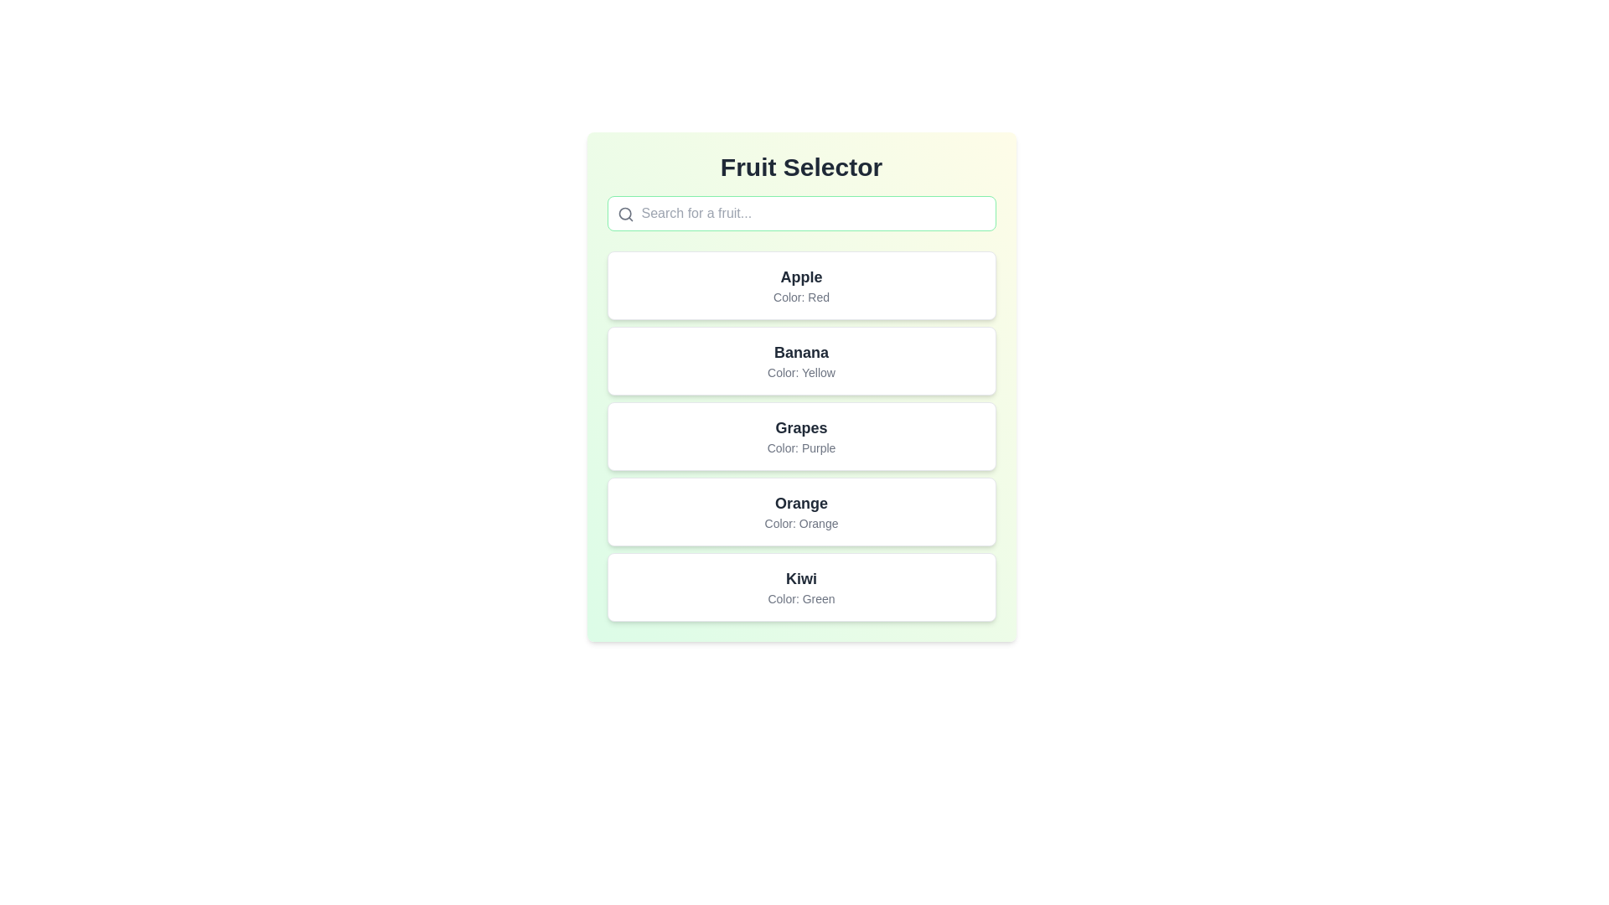 This screenshot has width=1609, height=905. What do you see at coordinates (800, 447) in the screenshot?
I see `text label that provides information about the color attribute of 'Grapes', located below the title within the 'Grapes' card` at bounding box center [800, 447].